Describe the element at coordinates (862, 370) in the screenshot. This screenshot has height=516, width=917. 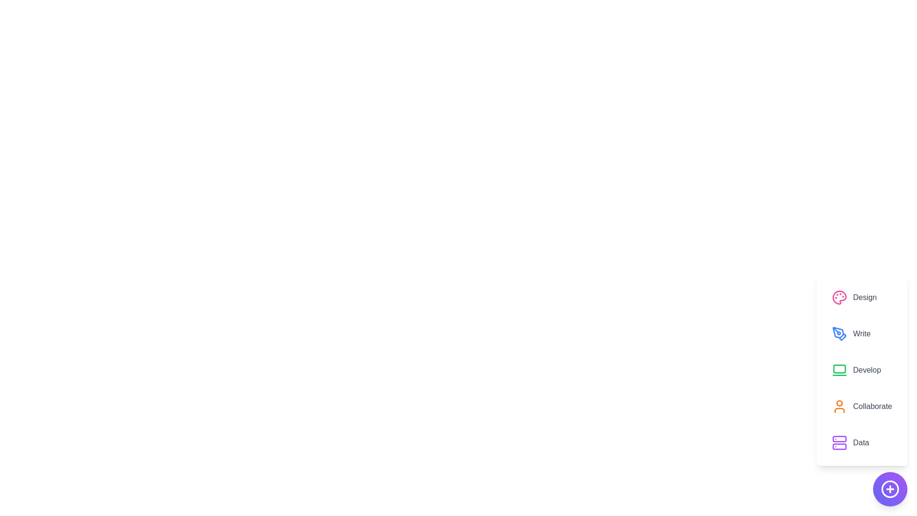
I see `the option Develop from the displayed options` at that location.